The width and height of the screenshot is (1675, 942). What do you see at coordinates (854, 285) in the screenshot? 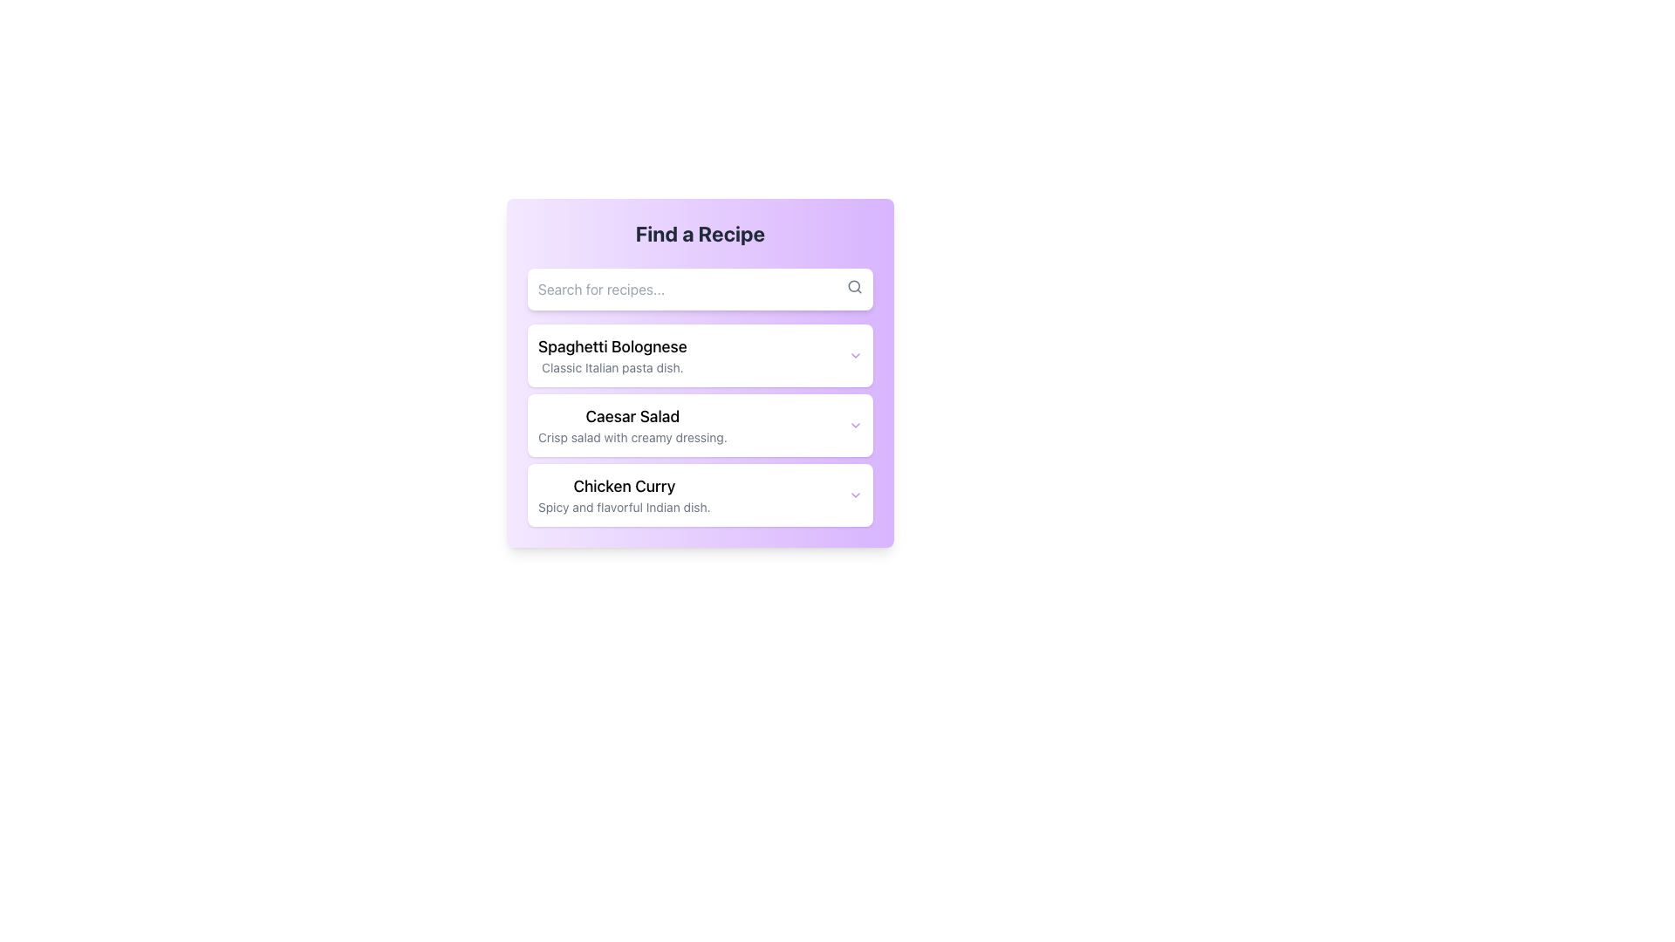
I see `the search icon located on the right side inside the search input field at the top of the interface to initiate a search operation` at bounding box center [854, 285].